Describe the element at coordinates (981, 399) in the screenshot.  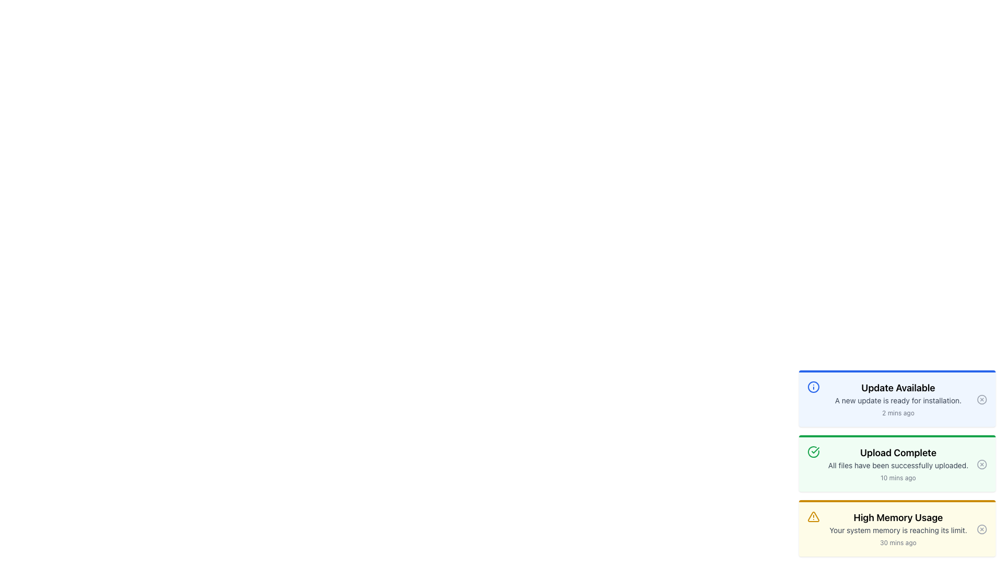
I see `the circular outline icon representing the close or cancel action` at that location.